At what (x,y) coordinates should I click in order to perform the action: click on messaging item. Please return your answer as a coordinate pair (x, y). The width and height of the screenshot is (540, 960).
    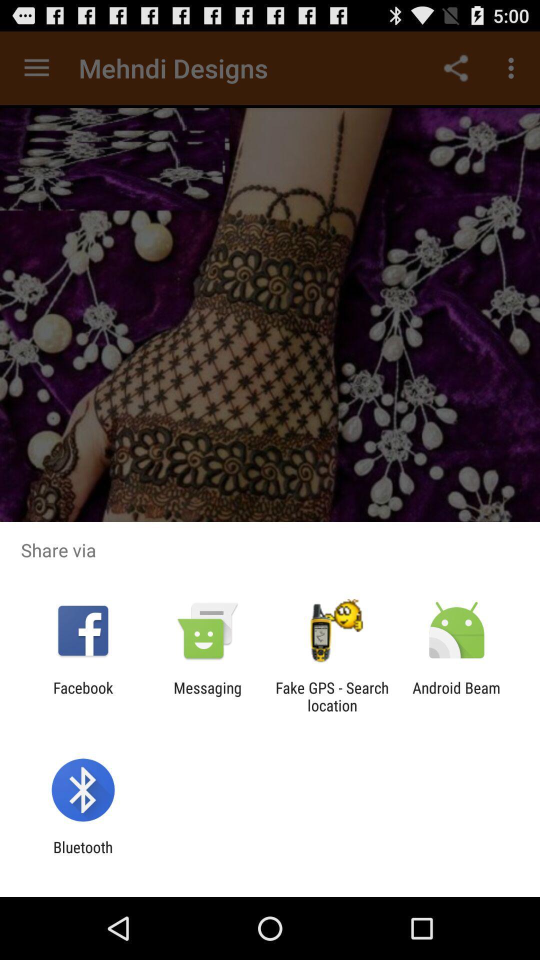
    Looking at the image, I should click on (207, 696).